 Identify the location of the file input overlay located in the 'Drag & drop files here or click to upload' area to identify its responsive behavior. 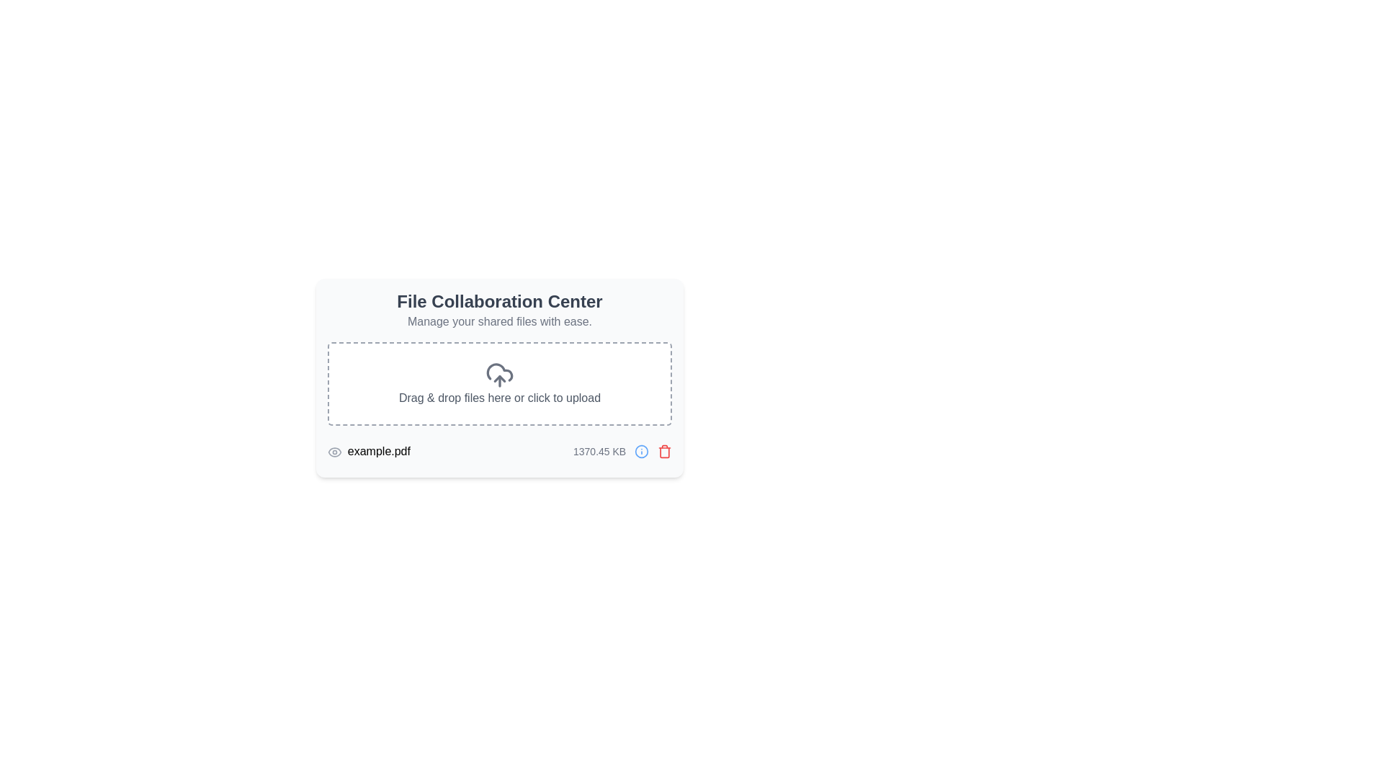
(500, 383).